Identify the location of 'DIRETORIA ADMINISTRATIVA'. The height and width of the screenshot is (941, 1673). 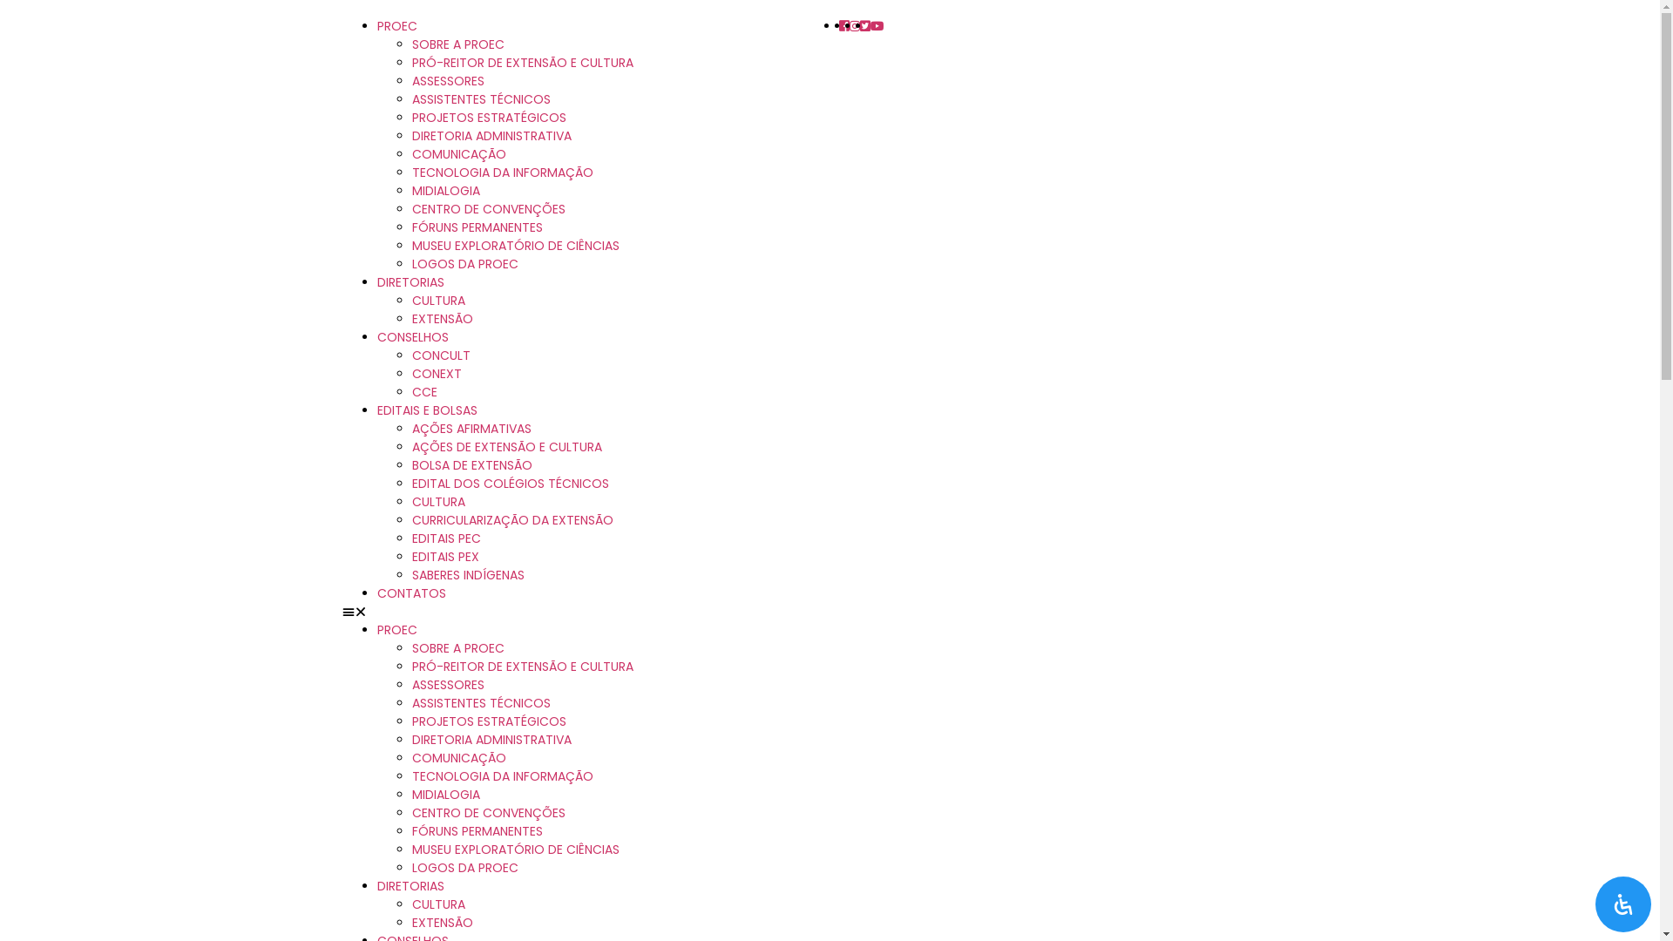
(490, 739).